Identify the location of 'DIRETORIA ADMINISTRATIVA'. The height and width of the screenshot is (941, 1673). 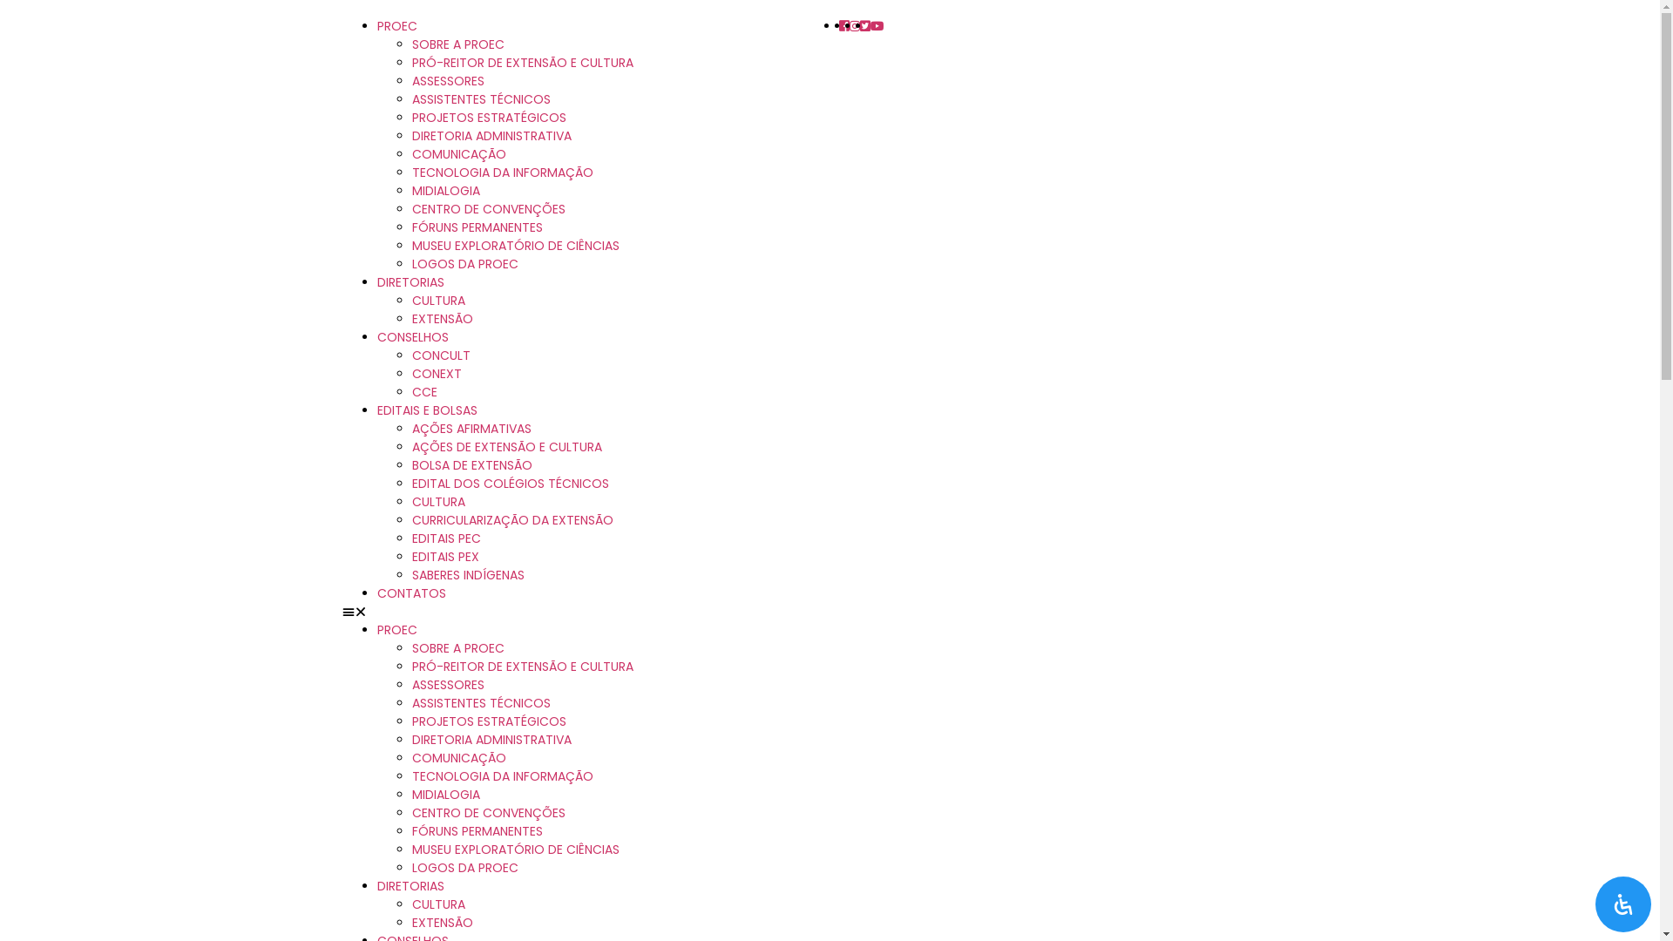
(490, 739).